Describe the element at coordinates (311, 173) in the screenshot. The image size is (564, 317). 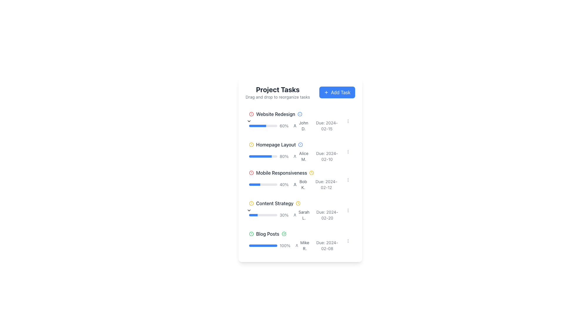
I see `the time-related status icon associated with the 'Mobile Responsiveness' task, located on the far-right side next to other task details` at that location.